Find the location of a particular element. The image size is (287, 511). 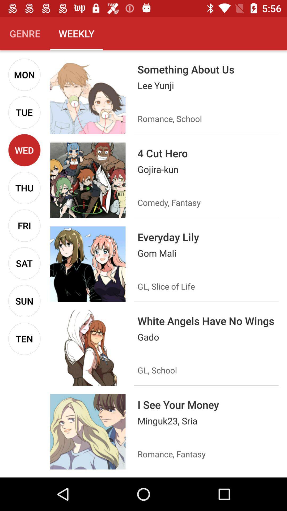

icon below the genre icon is located at coordinates (24, 74).